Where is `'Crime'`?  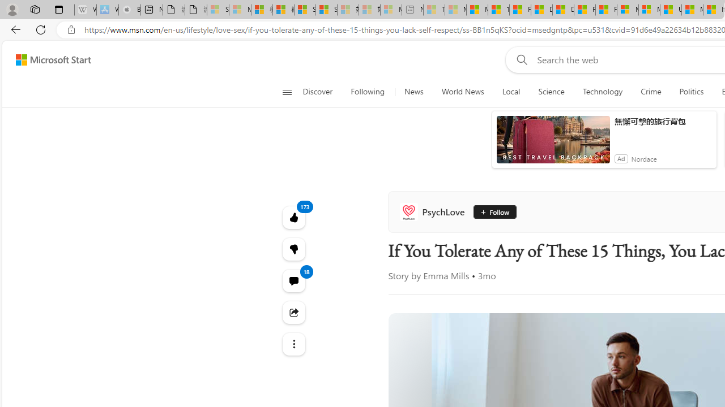
'Crime' is located at coordinates (651, 92).